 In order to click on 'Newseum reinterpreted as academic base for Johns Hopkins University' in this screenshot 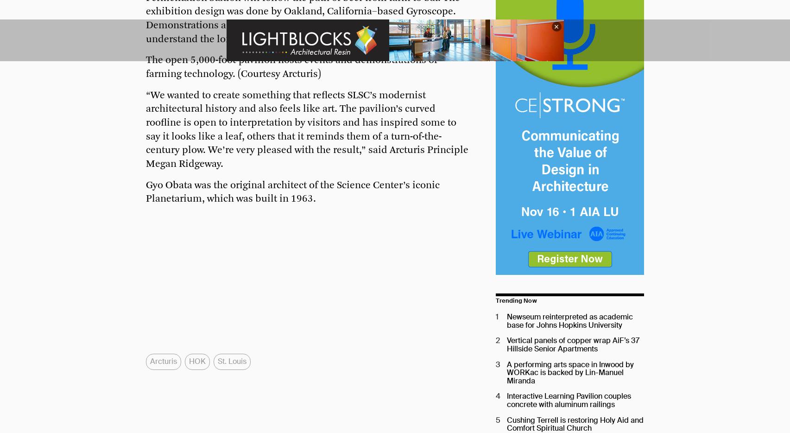, I will do `click(569, 320)`.